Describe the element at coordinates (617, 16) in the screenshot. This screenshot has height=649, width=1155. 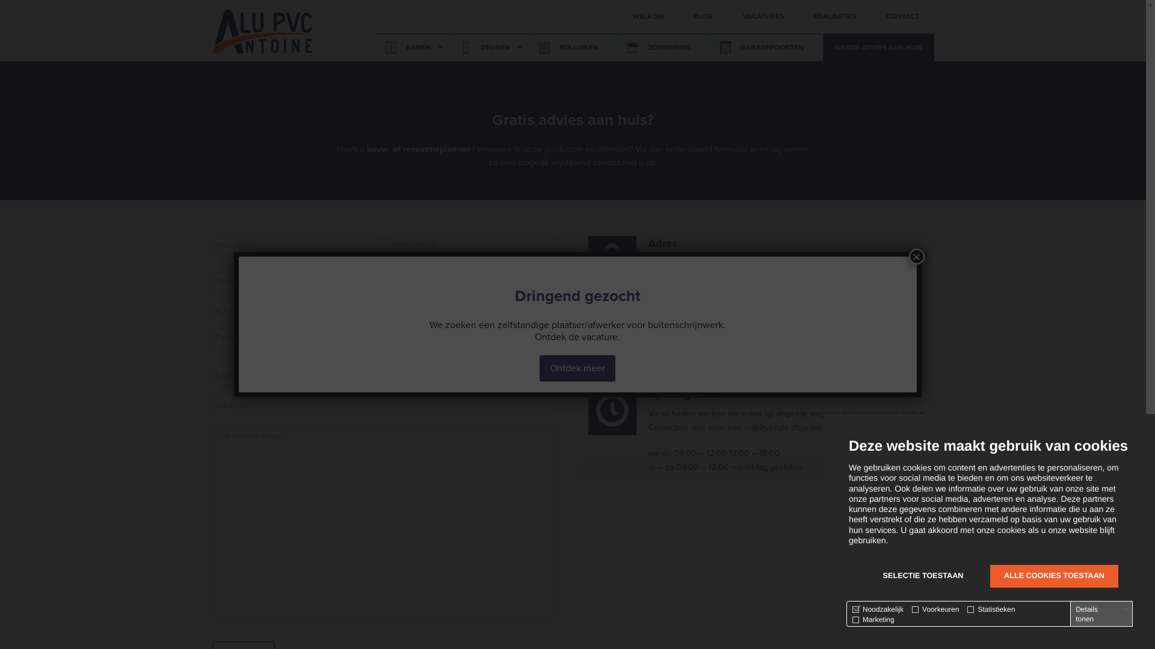
I see `'WELKOM'` at that location.